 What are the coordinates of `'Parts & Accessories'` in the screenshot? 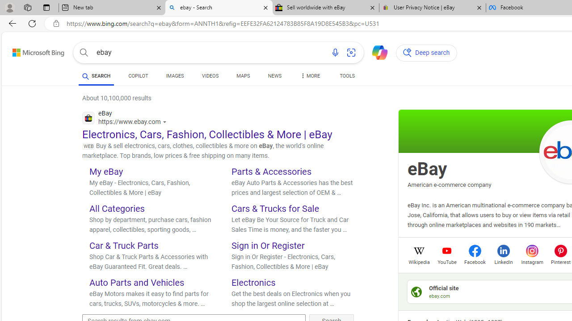 It's located at (271, 171).